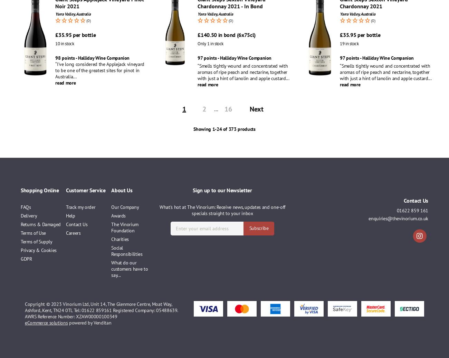  I want to click on 'Only 1 in stock', so click(210, 43).